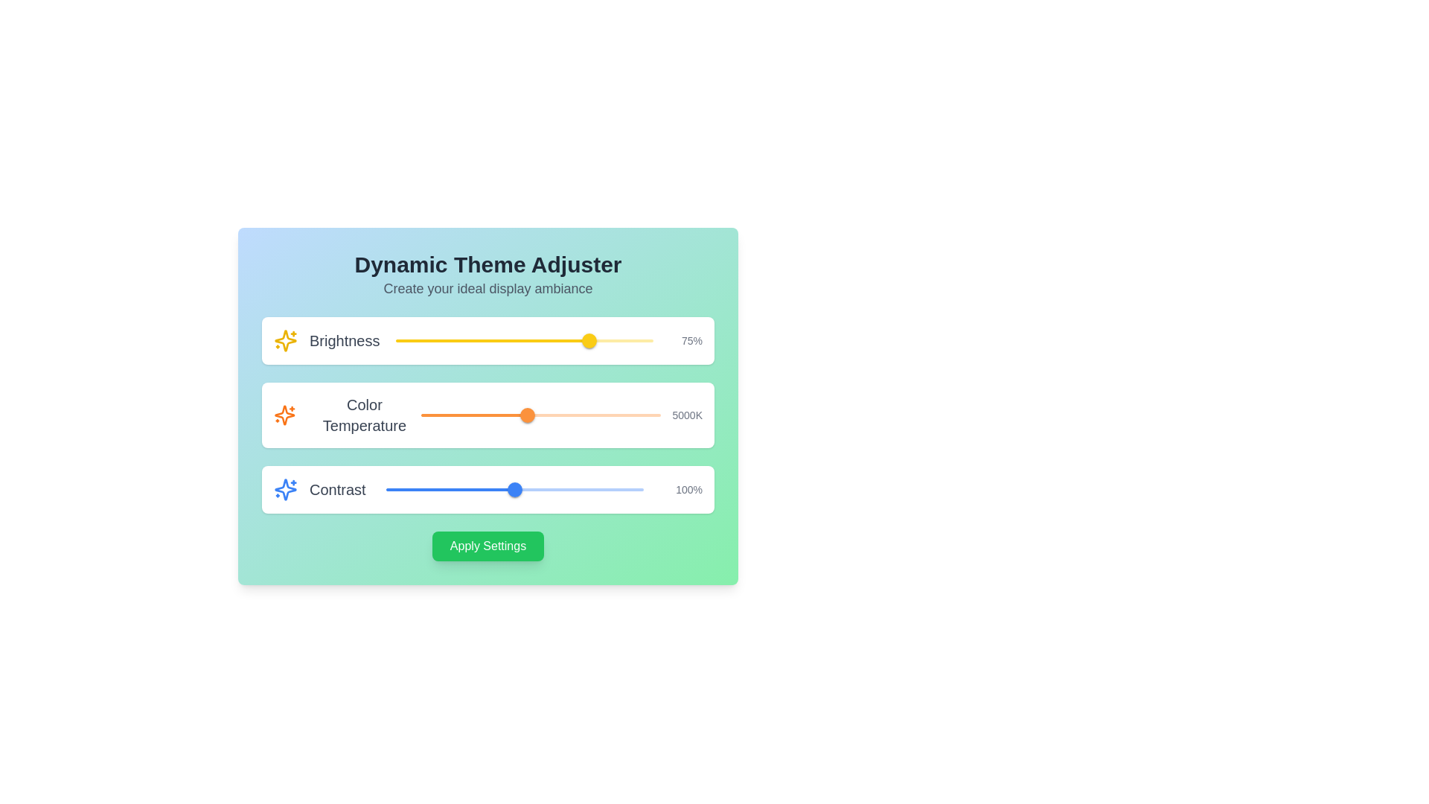 This screenshot has height=804, width=1429. I want to click on the contrast level, so click(615, 490).